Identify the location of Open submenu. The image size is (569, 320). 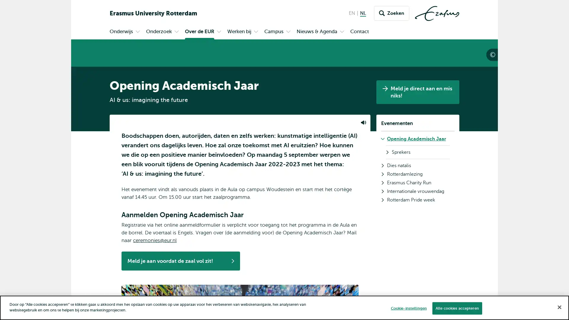
(342, 32).